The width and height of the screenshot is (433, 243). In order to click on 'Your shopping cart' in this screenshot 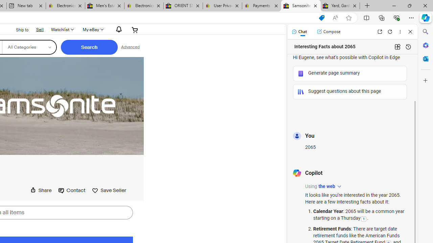, I will do `click(135, 29)`.